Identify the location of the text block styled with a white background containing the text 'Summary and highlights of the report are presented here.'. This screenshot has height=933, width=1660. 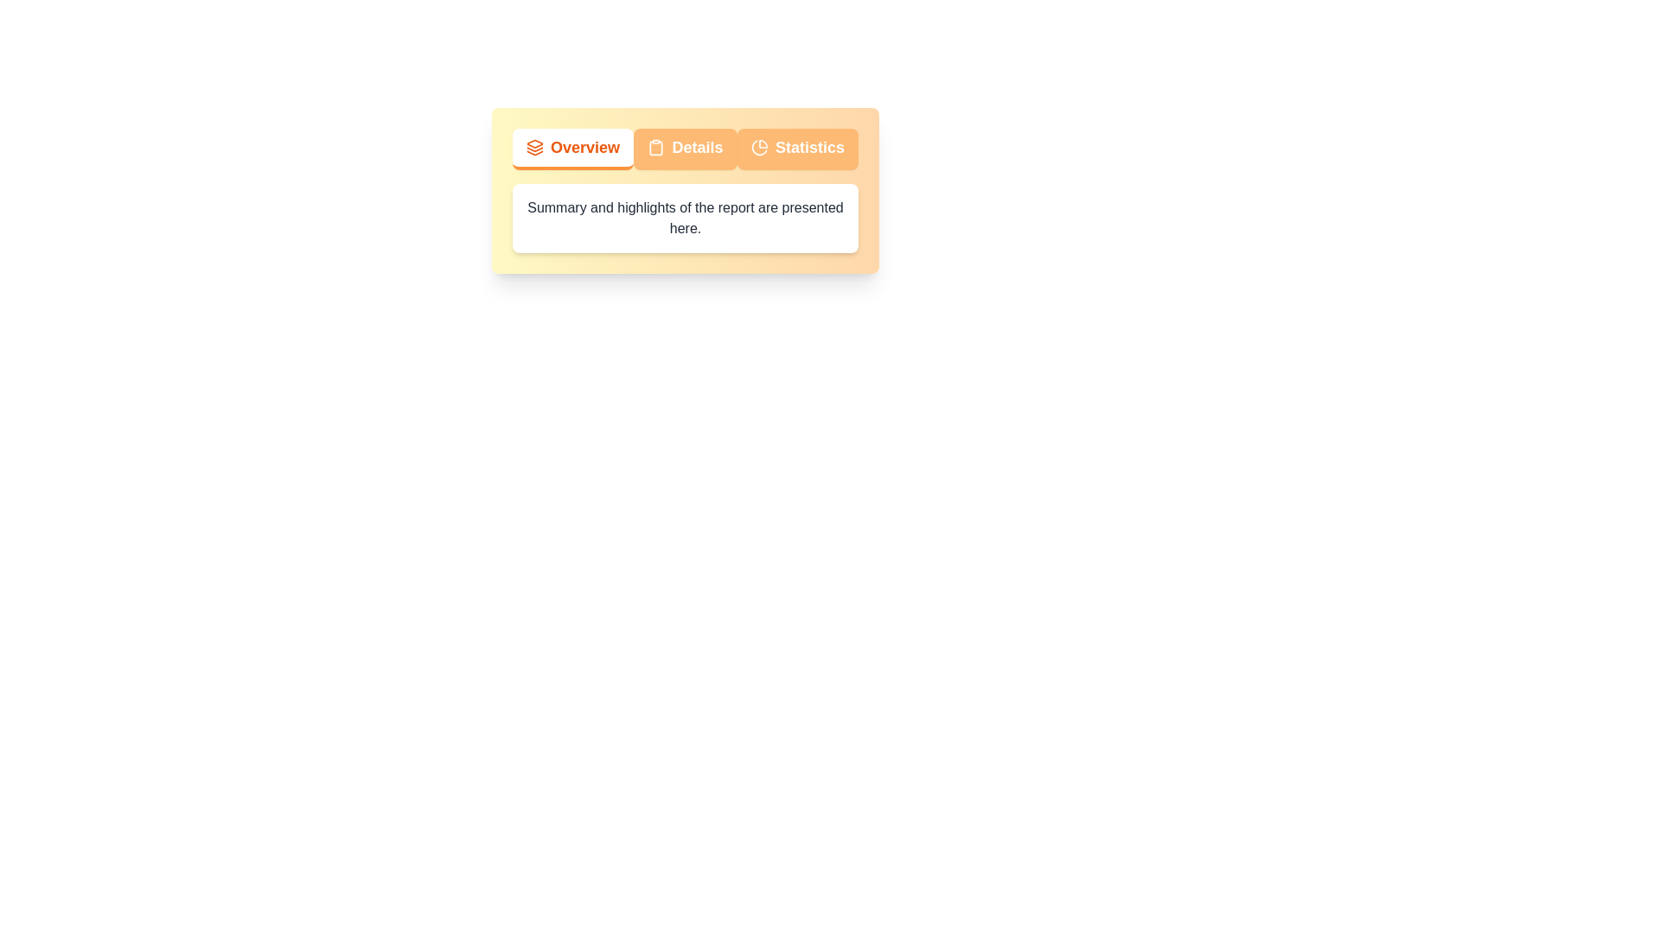
(684, 218).